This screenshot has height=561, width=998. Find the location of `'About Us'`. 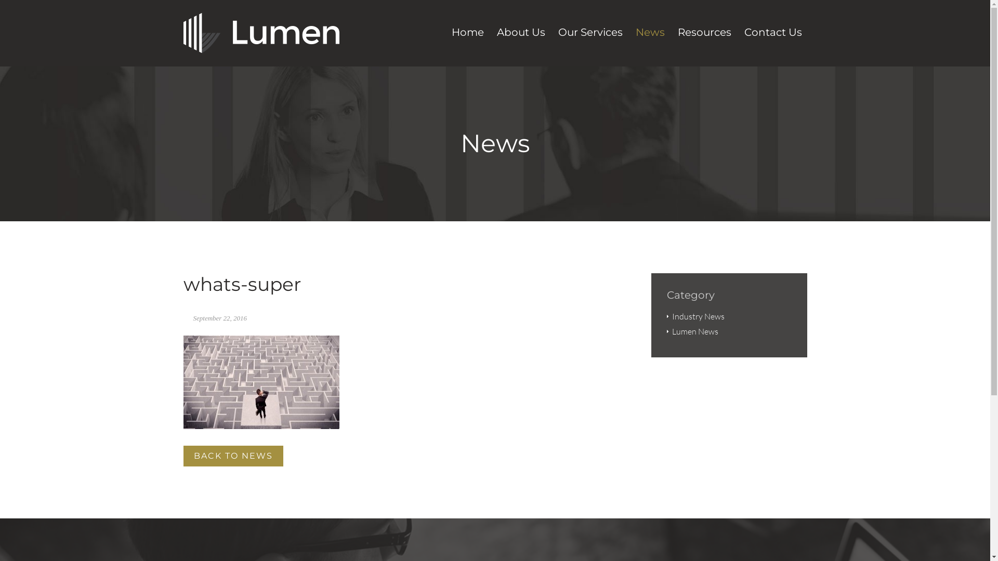

'About Us' is located at coordinates (521, 34).